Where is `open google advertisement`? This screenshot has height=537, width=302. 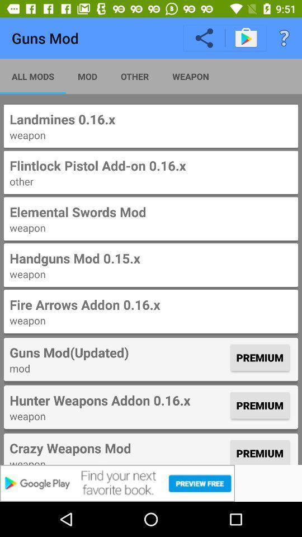 open google advertisement is located at coordinates (151, 483).